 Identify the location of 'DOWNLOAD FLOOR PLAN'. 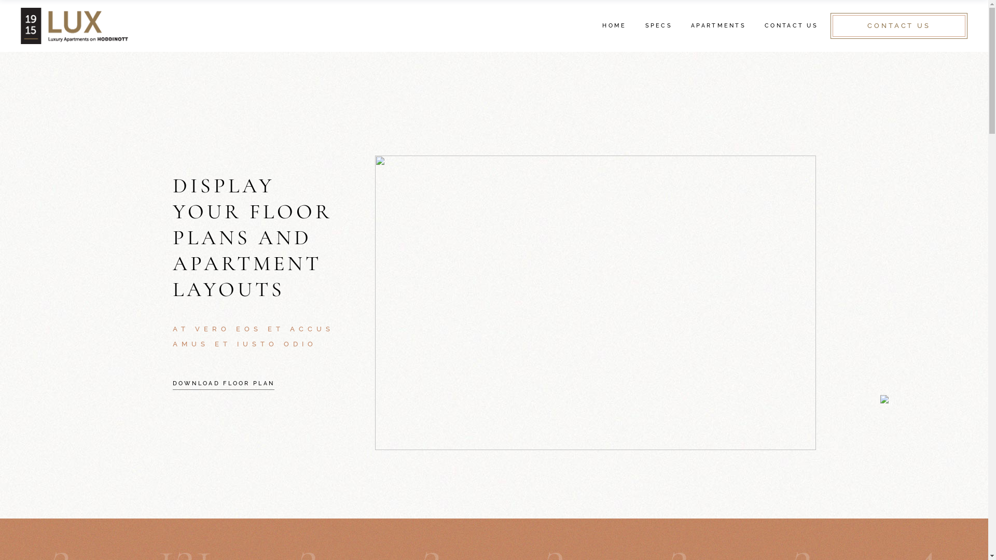
(223, 384).